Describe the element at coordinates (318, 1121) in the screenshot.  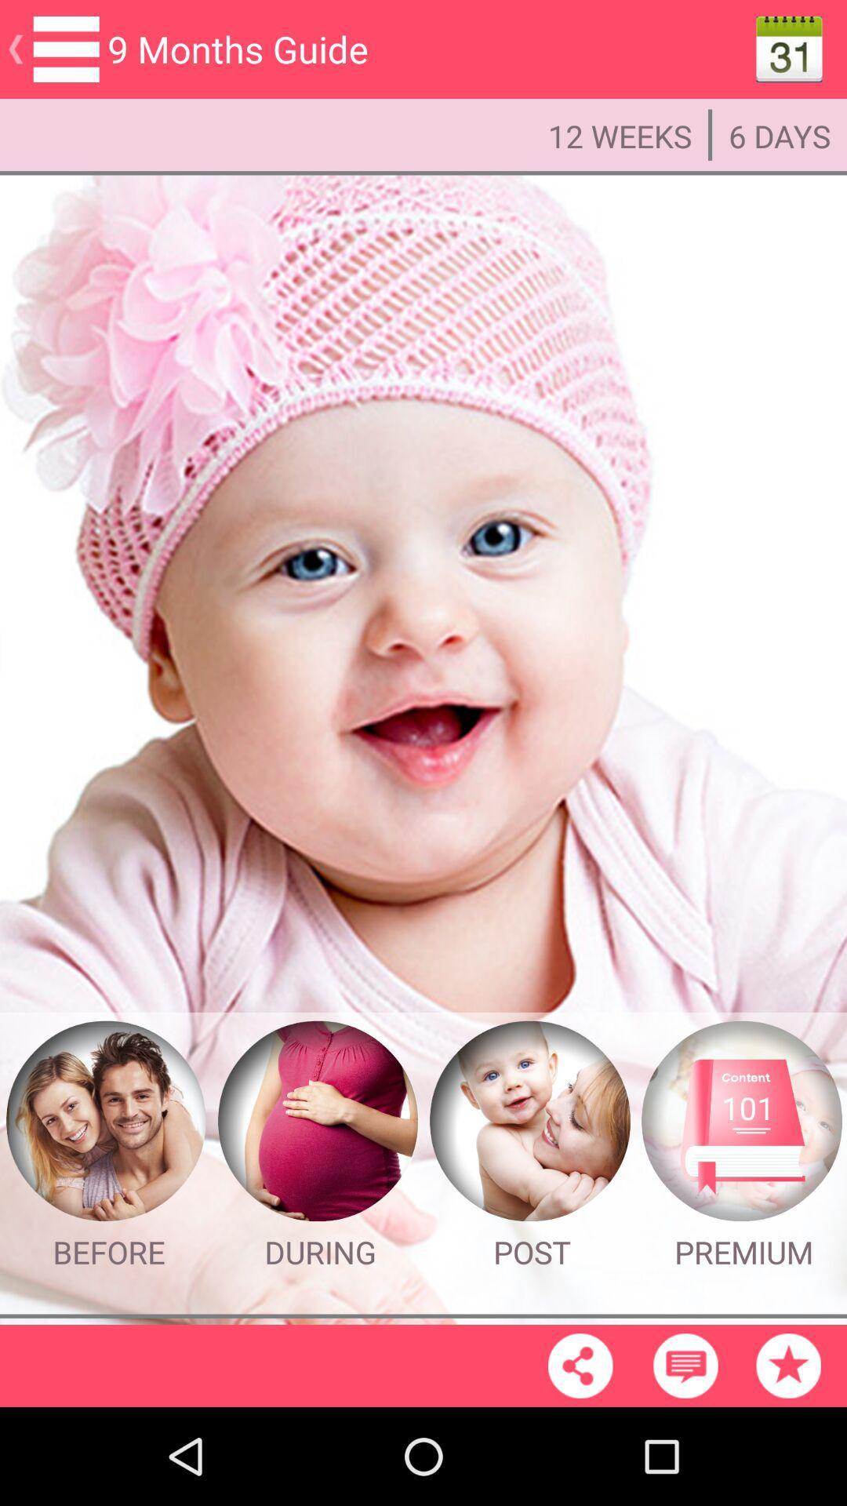
I see `the image` at that location.